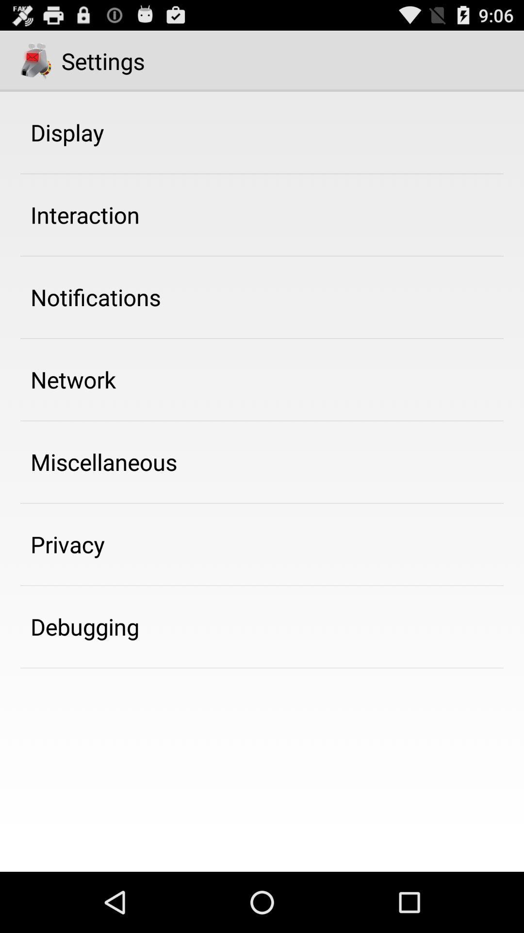 The image size is (524, 933). Describe the element at coordinates (67, 544) in the screenshot. I see `privacy` at that location.